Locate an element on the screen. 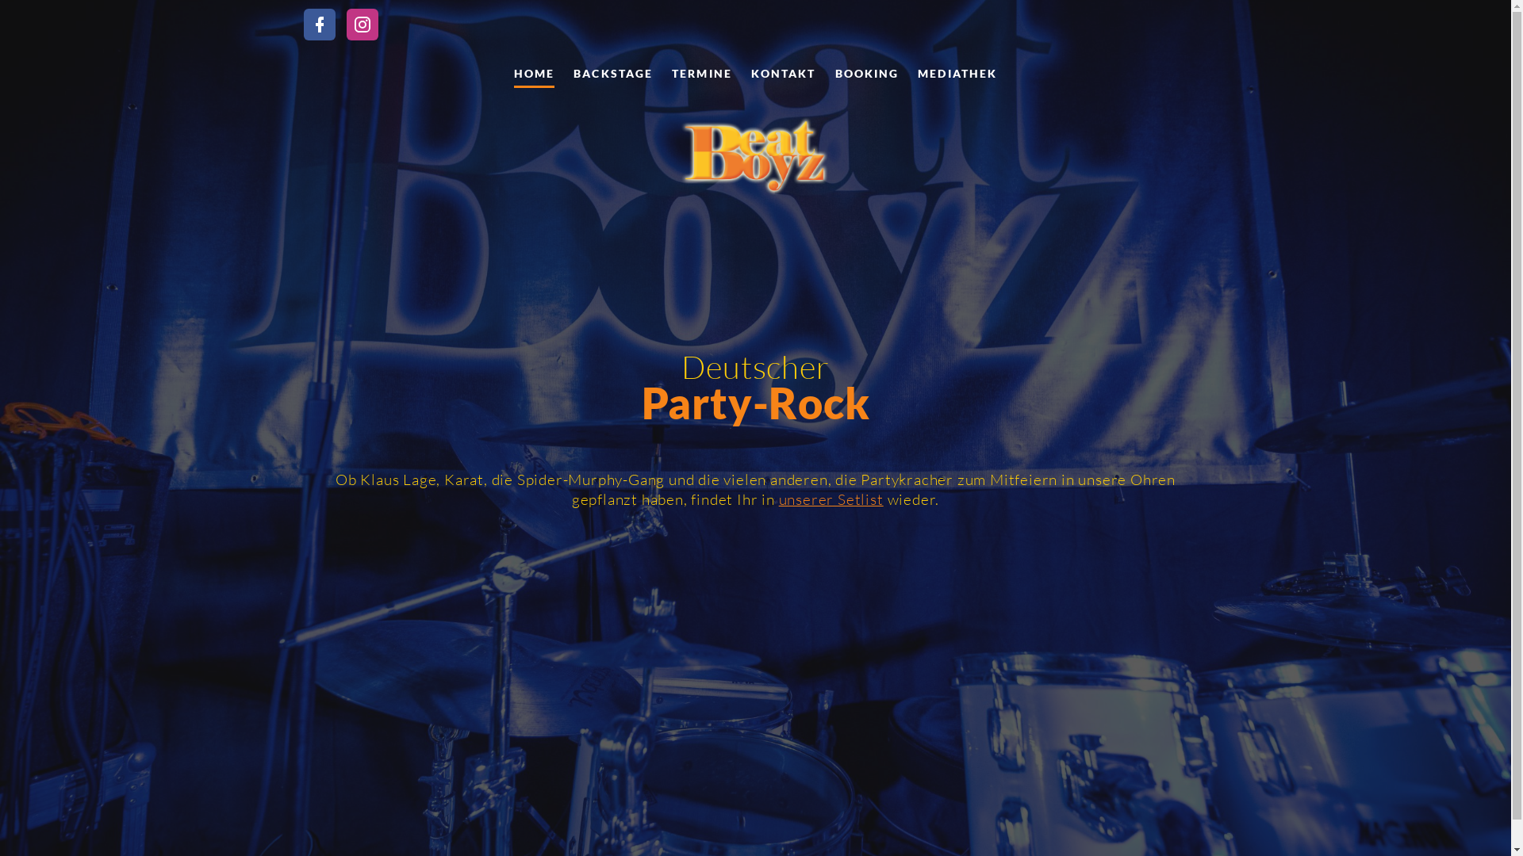  'unserer Setlist' is located at coordinates (830, 498).